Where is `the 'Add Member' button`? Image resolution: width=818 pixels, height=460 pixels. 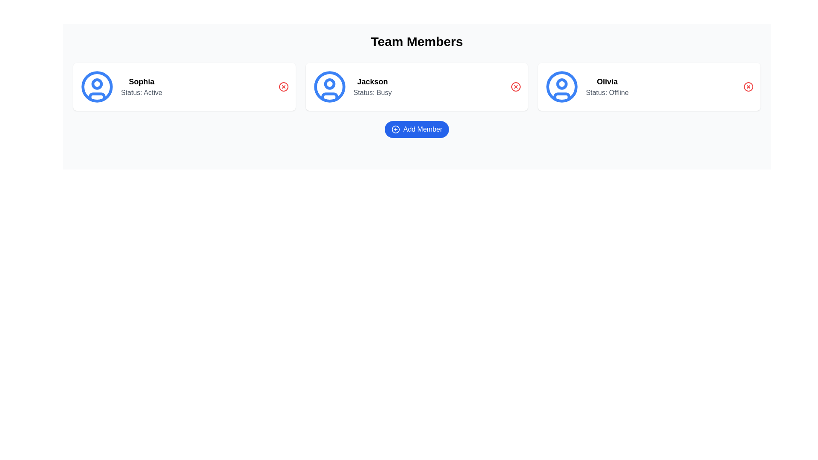 the 'Add Member' button is located at coordinates (417, 129).